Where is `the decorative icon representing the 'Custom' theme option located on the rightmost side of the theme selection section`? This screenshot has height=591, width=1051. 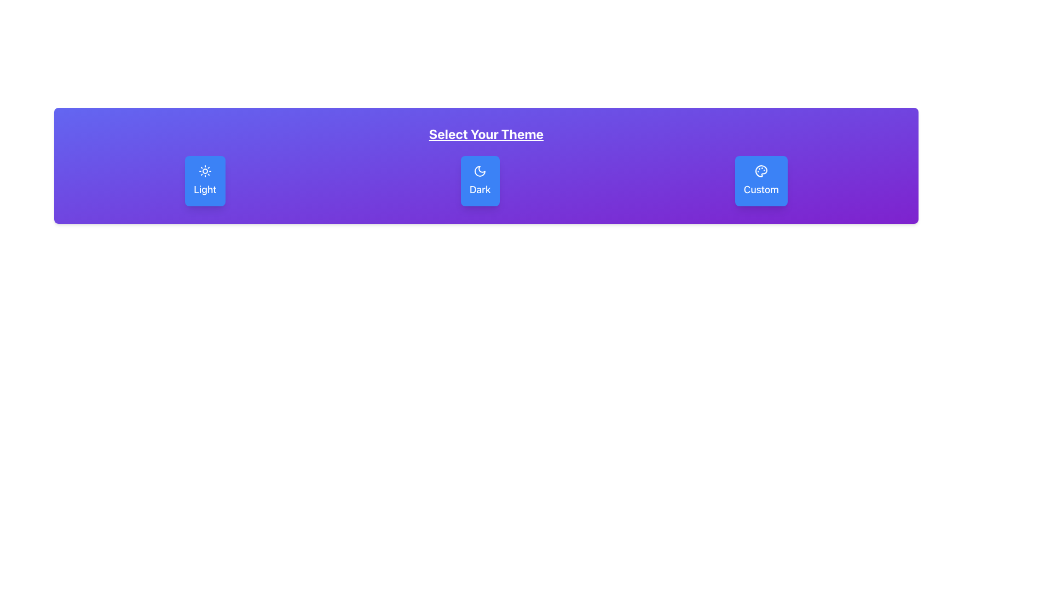
the decorative icon representing the 'Custom' theme option located on the rightmost side of the theme selection section is located at coordinates (760, 171).